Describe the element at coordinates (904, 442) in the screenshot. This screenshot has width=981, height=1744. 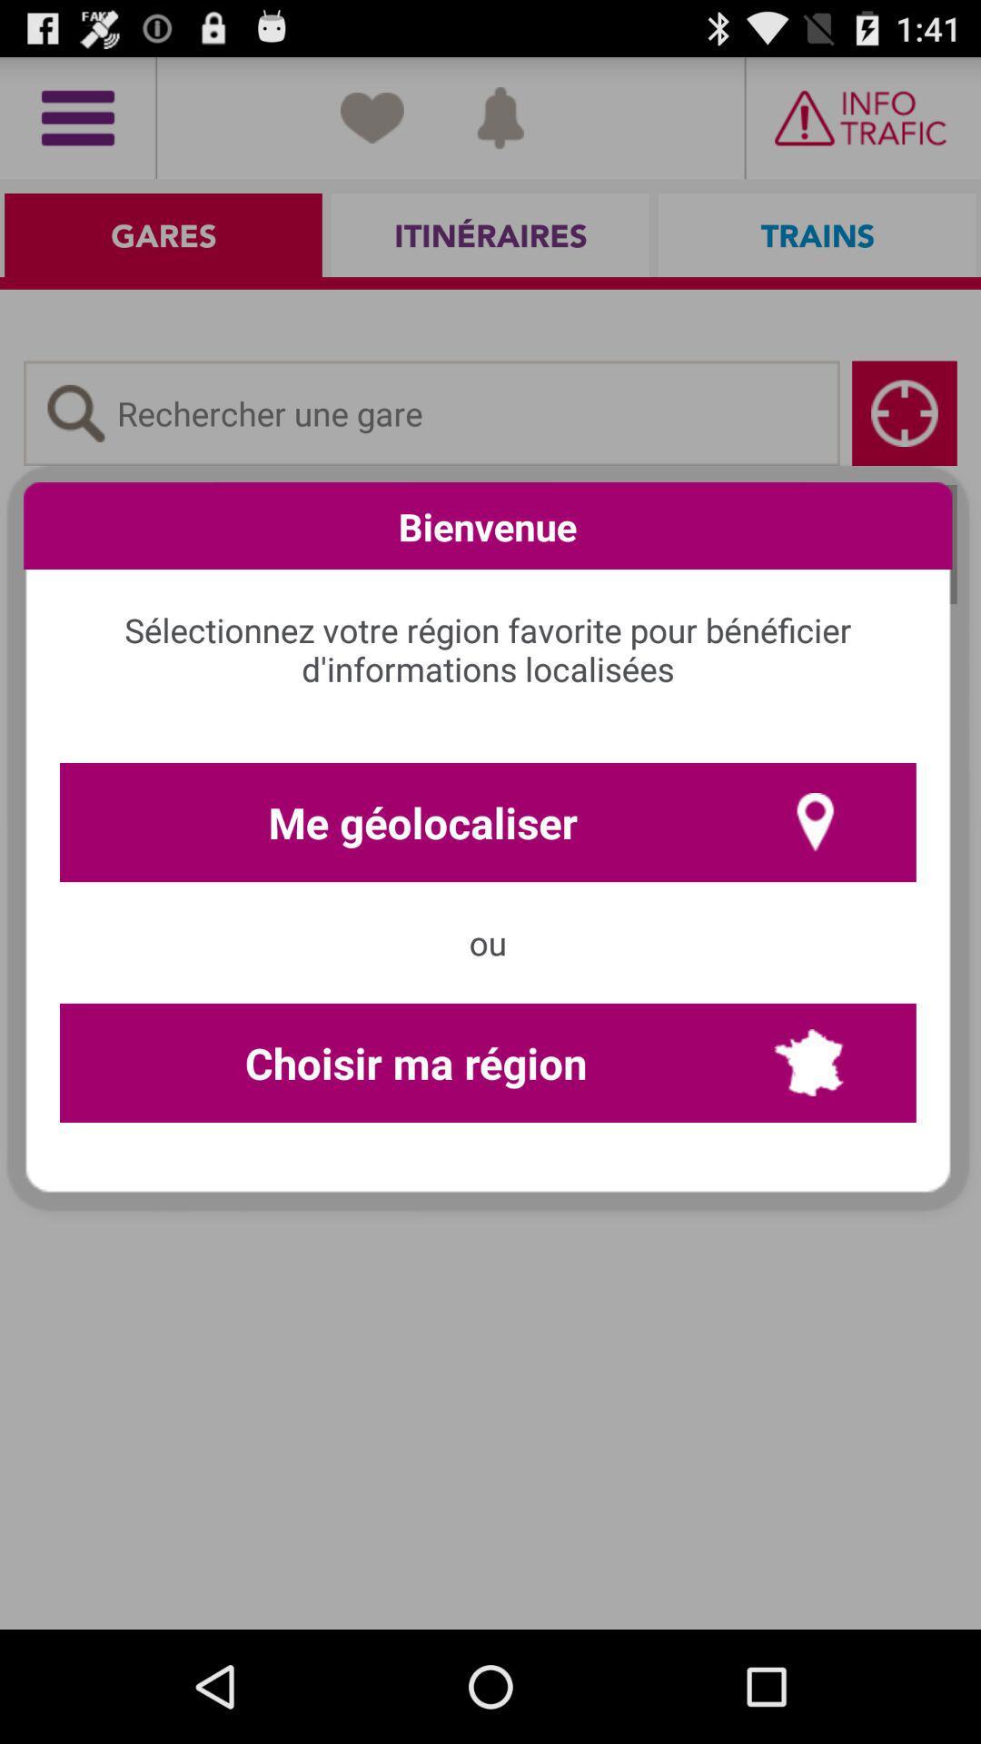
I see `the location_crosshair icon` at that location.